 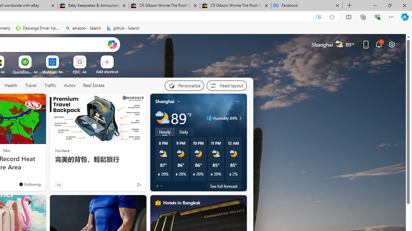 I want to click on 'tab-0', so click(x=157, y=186).